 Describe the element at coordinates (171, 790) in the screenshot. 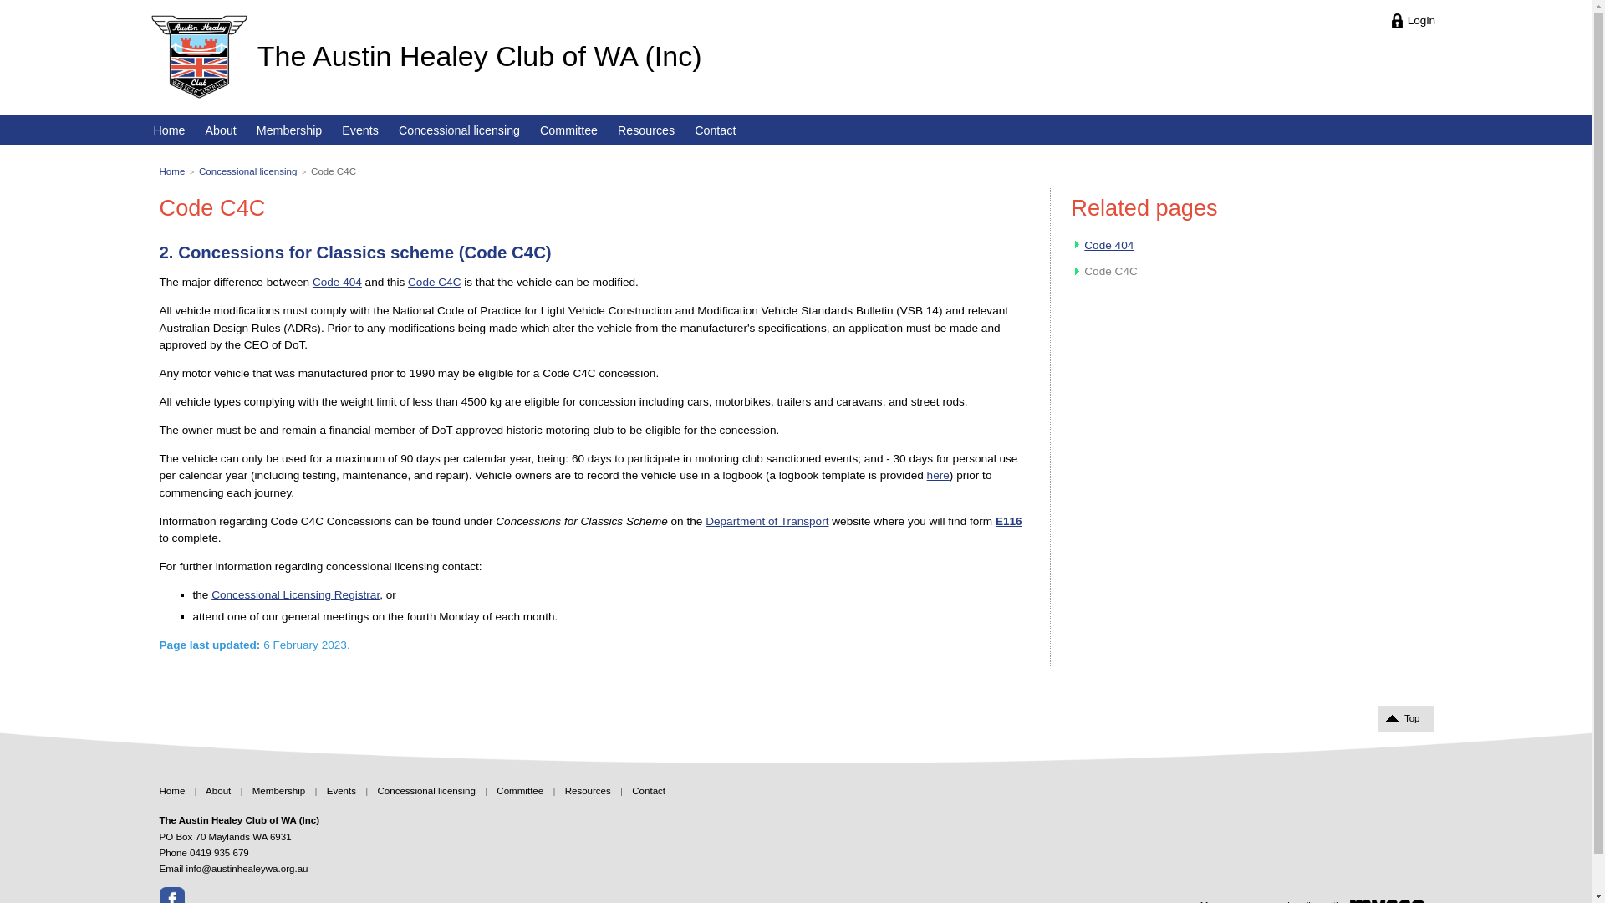

I see `'Home'` at that location.